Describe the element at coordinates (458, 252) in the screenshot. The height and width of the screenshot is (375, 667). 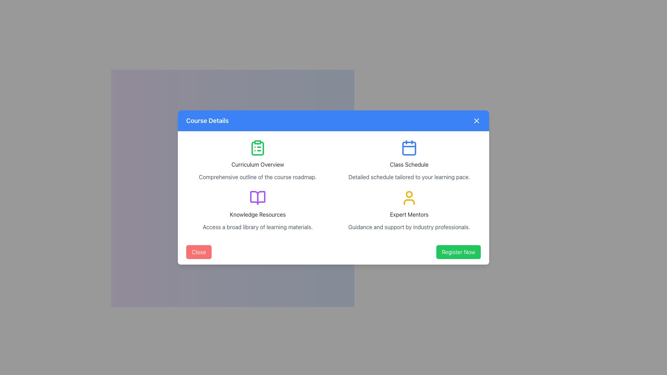
I see `the registration button located at the bottom right corner of the modal layout` at that location.